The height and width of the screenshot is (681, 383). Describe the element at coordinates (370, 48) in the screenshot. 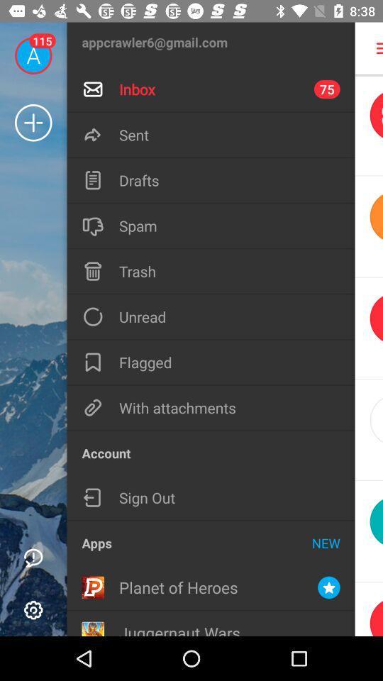

I see `the more icon` at that location.